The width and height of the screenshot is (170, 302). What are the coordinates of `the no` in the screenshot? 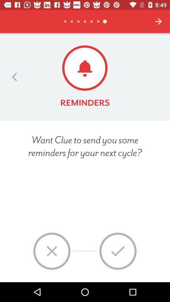 It's located at (51, 251).